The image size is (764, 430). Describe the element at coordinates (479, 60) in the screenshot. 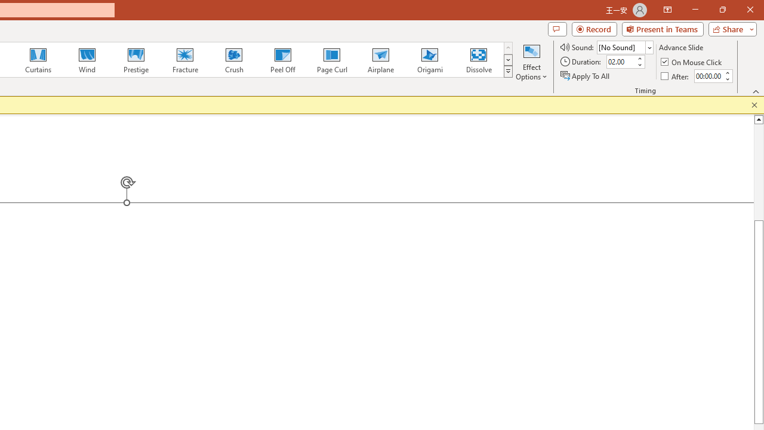

I see `'Dissolve'` at that location.